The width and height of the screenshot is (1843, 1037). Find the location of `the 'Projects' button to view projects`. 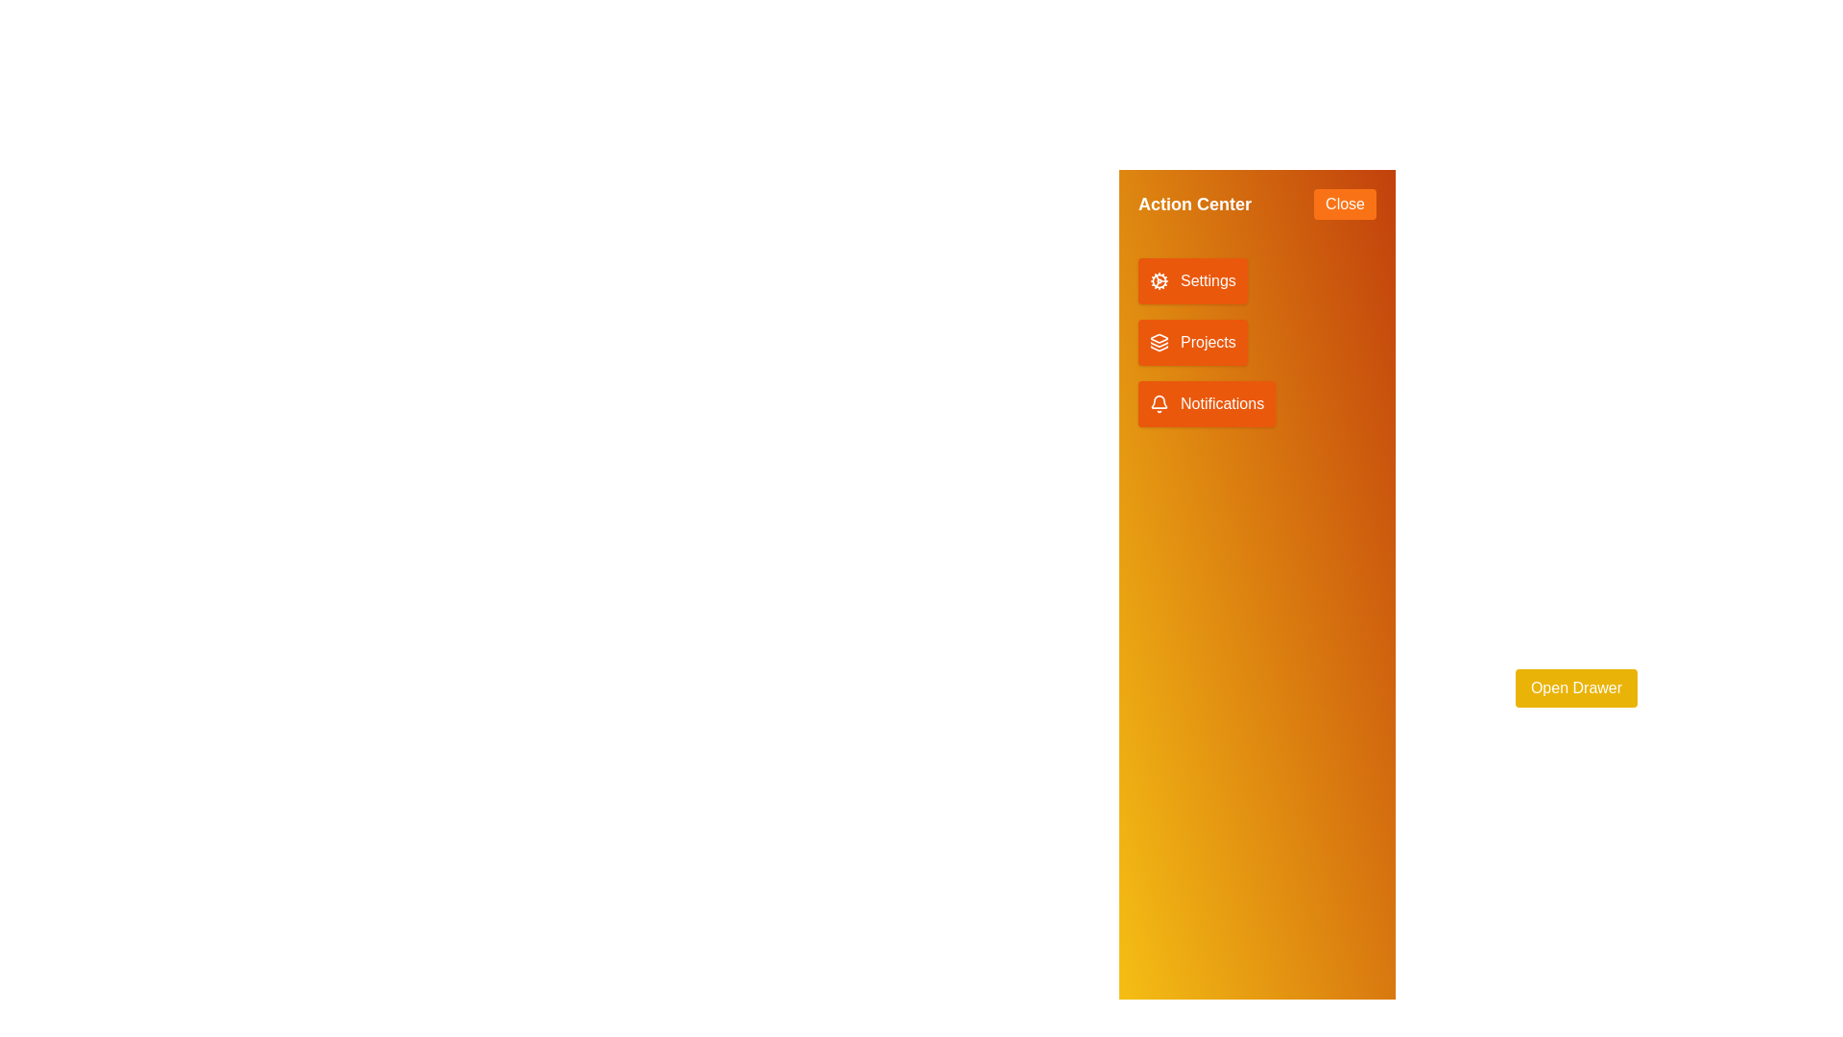

the 'Projects' button to view projects is located at coordinates (1191, 342).